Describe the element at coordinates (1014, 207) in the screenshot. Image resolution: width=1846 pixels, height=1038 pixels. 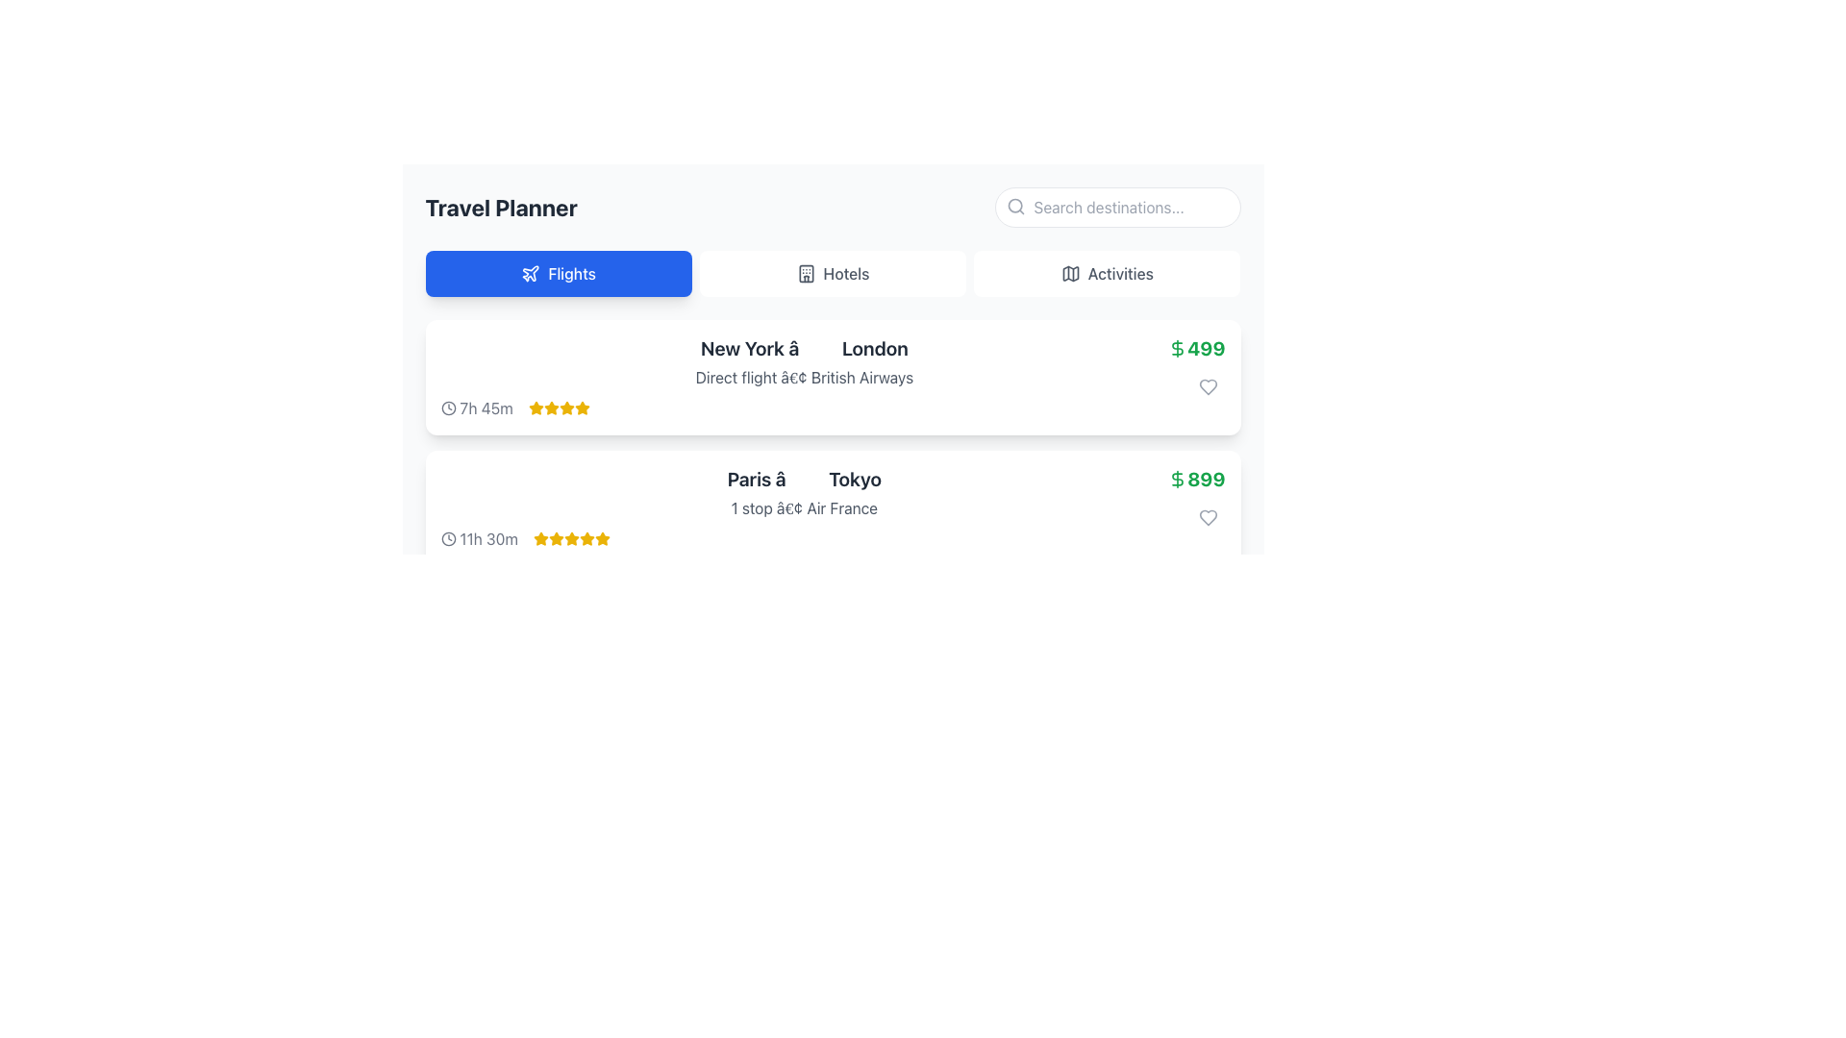
I see `the search icon located on the left side of the search bar, which indicates the field's purpose for search functionality` at that location.